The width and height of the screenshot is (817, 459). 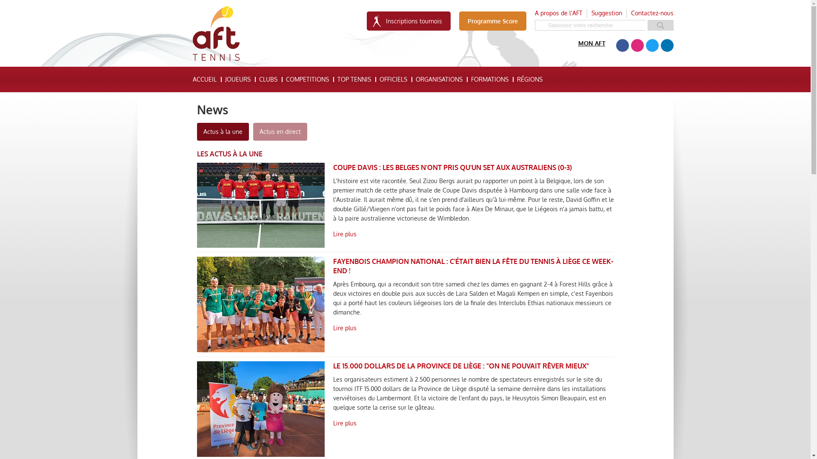 What do you see at coordinates (354, 79) in the screenshot?
I see `'TOP TENNIS'` at bounding box center [354, 79].